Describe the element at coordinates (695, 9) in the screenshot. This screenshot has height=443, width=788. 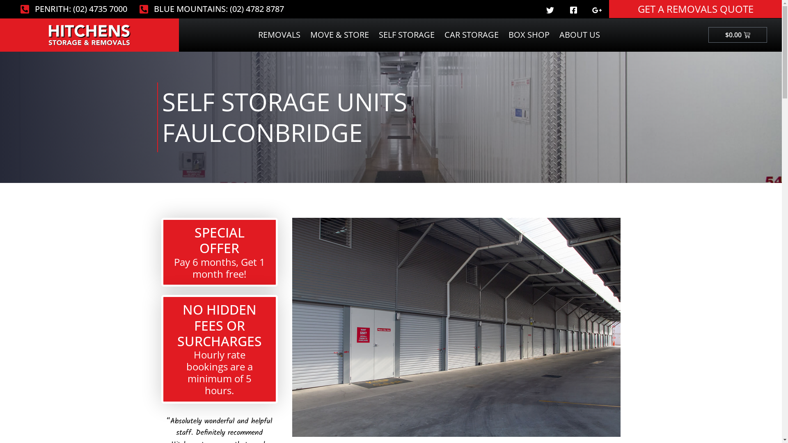
I see `'GET A REMOVALS QUOTE'` at that location.